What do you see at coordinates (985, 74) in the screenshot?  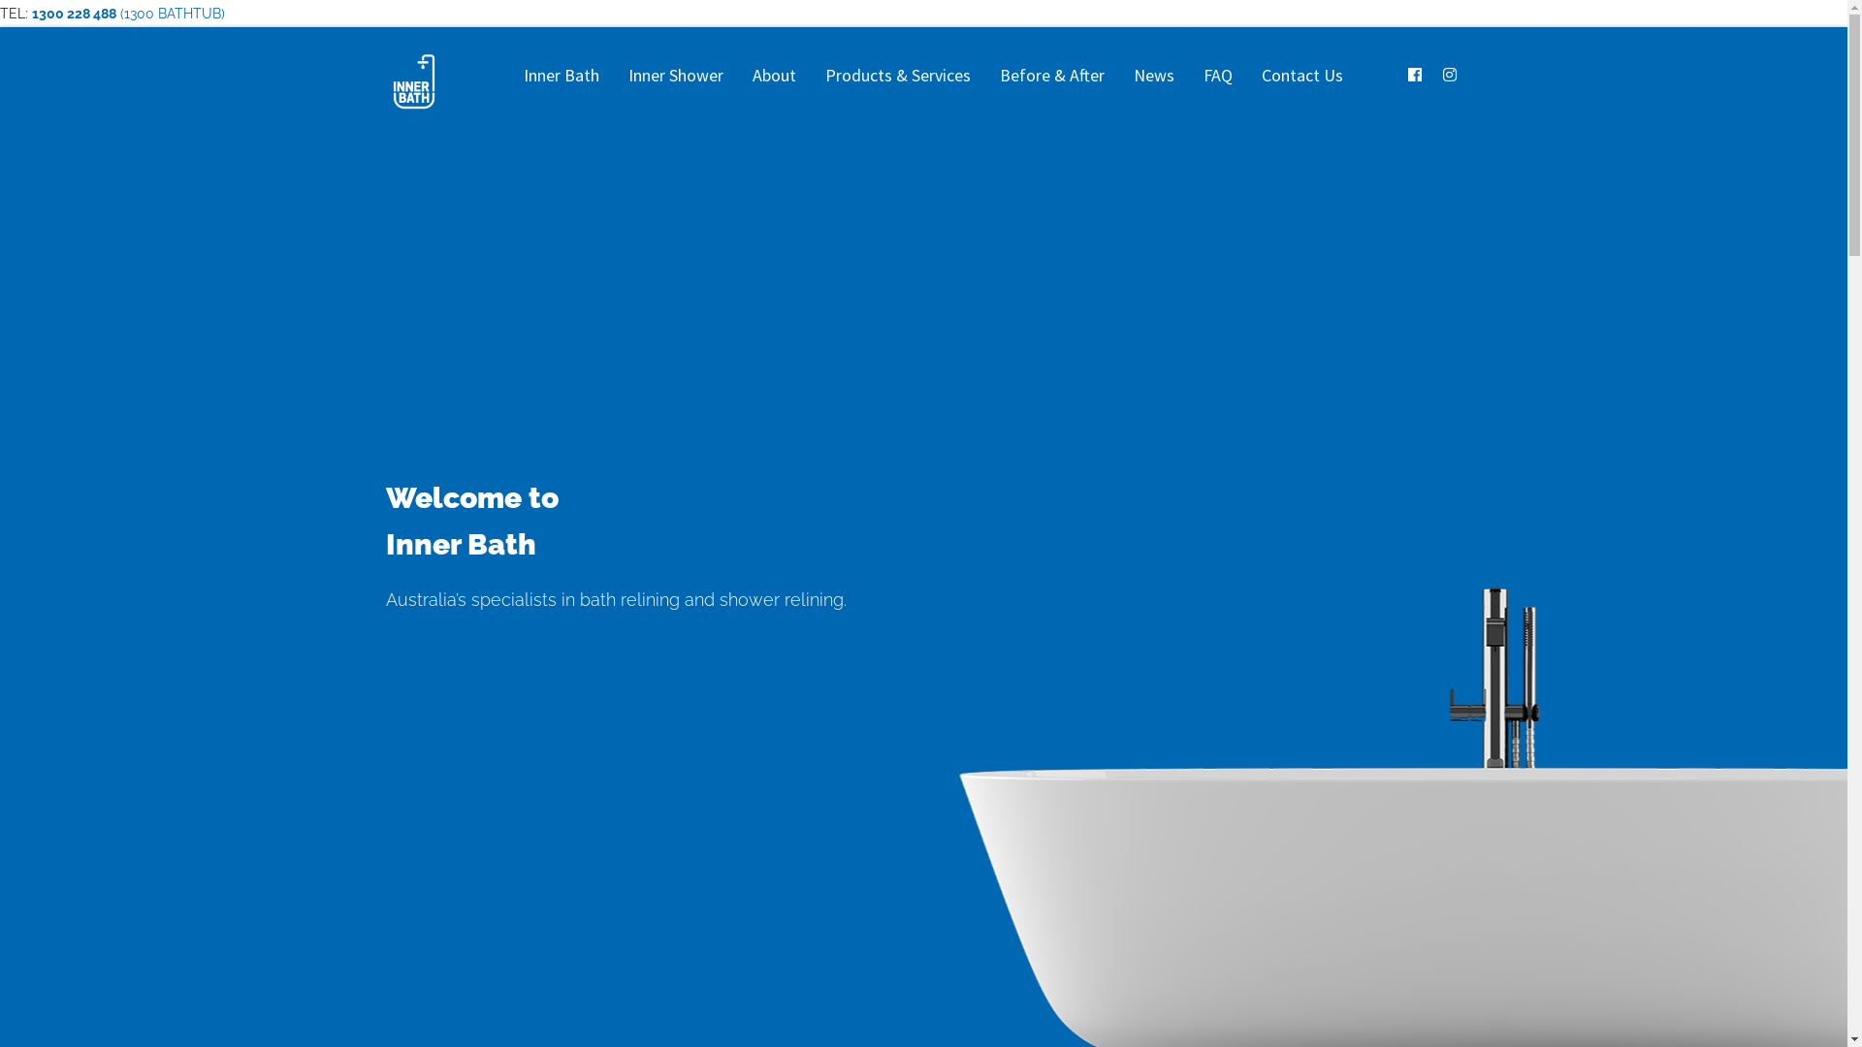 I see `'Before & After'` at bounding box center [985, 74].